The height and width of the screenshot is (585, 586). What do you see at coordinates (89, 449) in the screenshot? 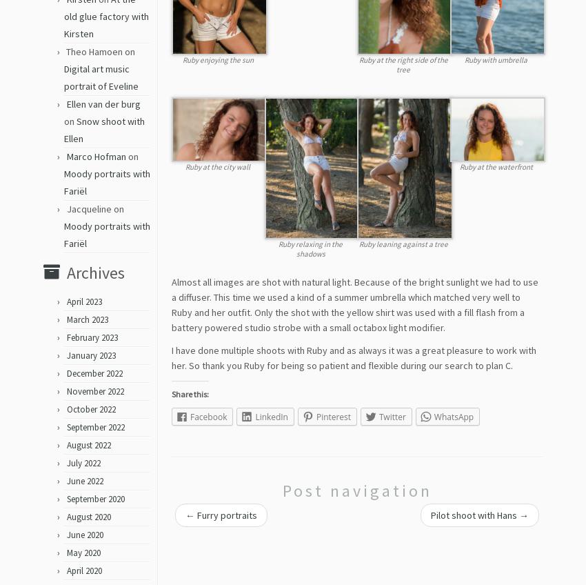
I see `'August 2022'` at bounding box center [89, 449].